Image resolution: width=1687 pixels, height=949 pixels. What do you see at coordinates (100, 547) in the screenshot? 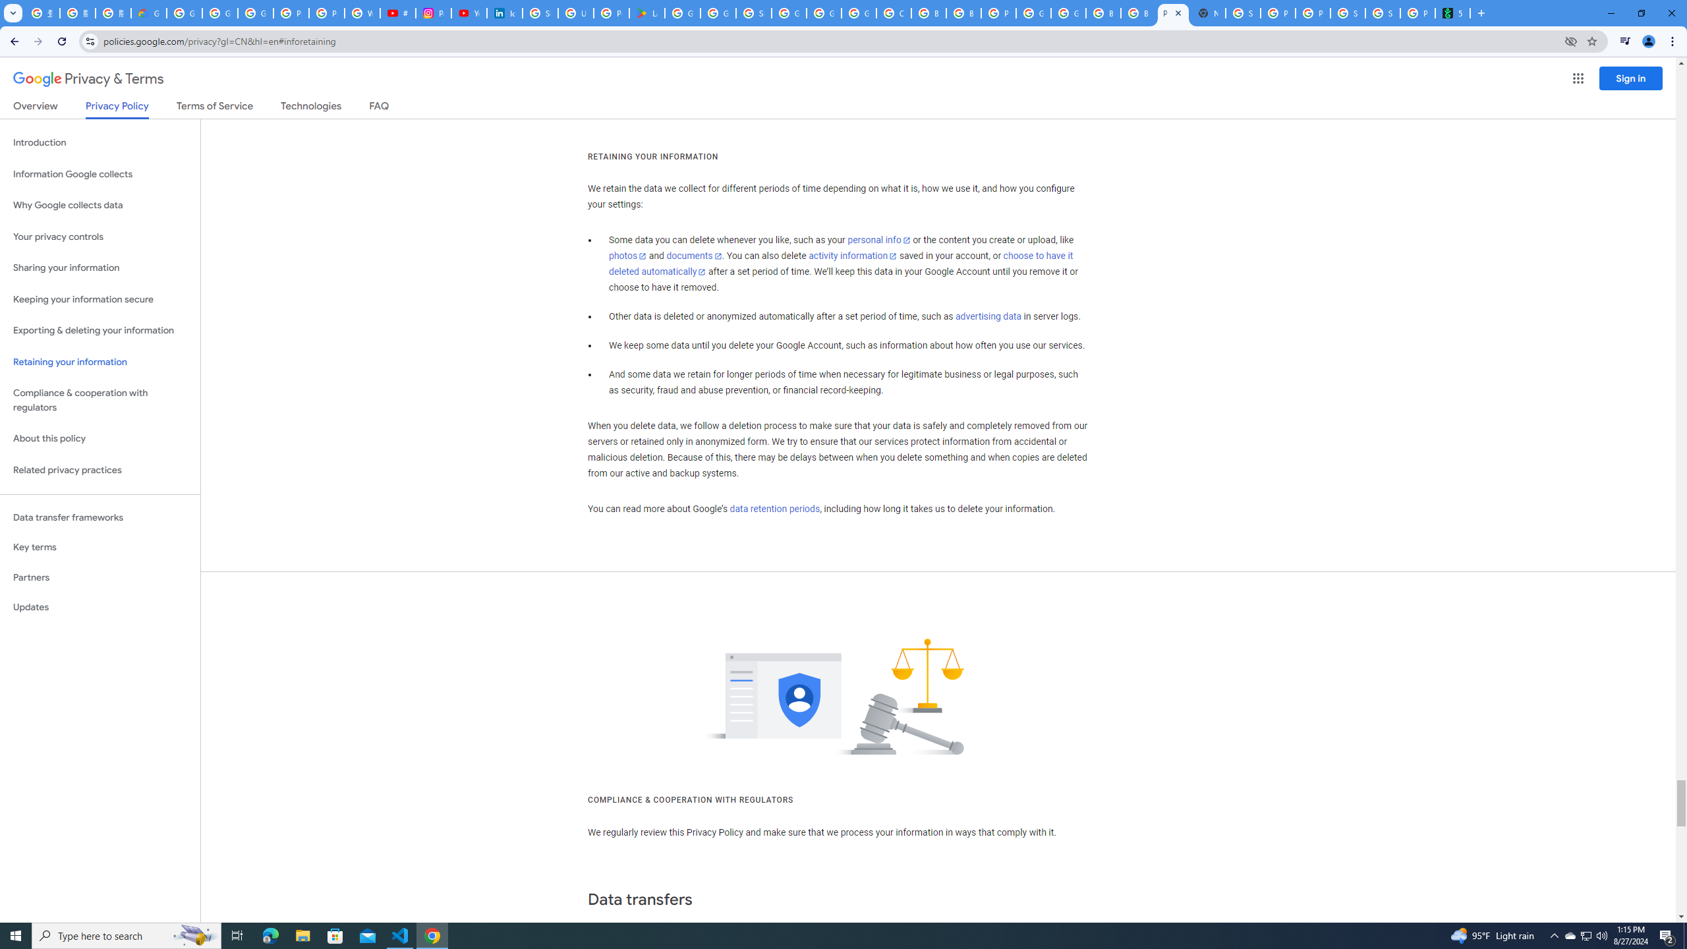
I see `'Key terms'` at bounding box center [100, 547].